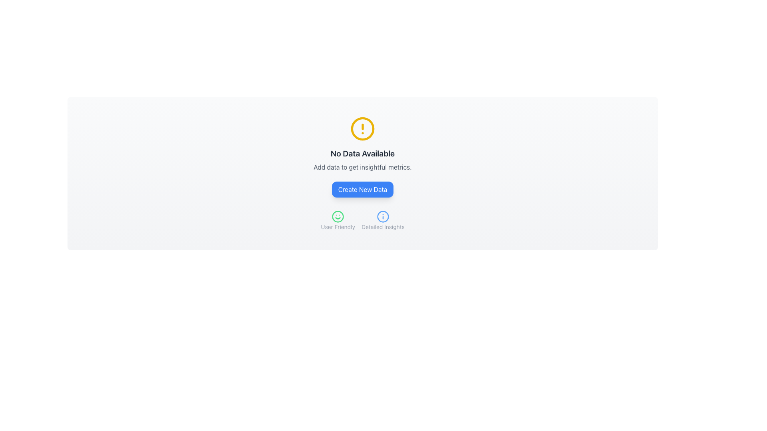  Describe the element at coordinates (338, 220) in the screenshot. I see `text from the 'User Friendly' label, which is styled in gray and is positioned below a green smiley face icon` at that location.